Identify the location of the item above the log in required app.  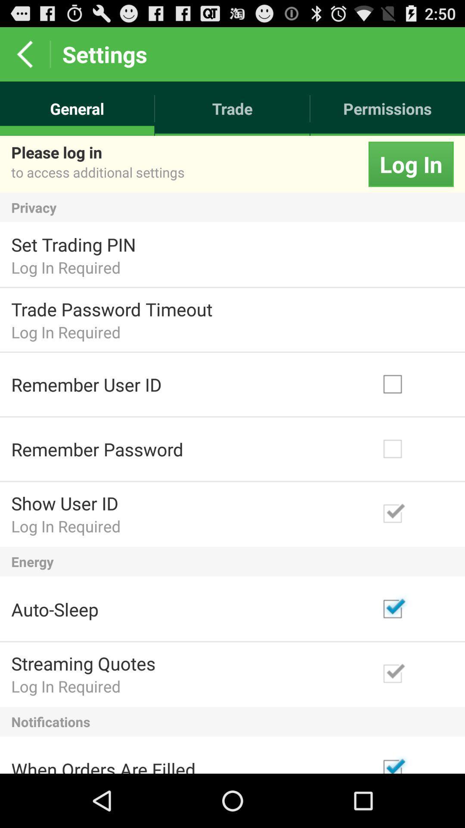
(111, 309).